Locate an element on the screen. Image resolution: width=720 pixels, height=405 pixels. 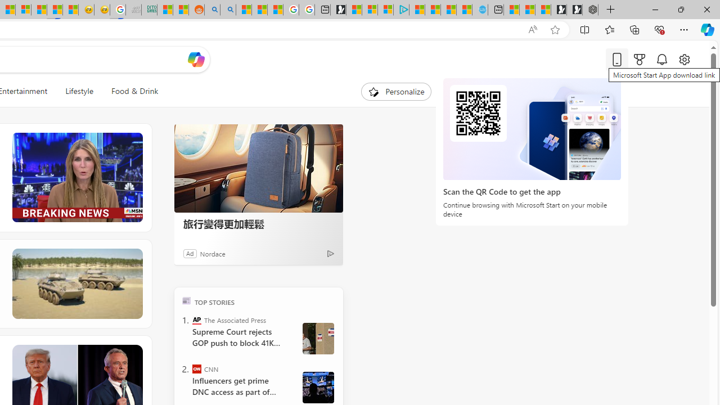
'Personalize' is located at coordinates (396, 91).